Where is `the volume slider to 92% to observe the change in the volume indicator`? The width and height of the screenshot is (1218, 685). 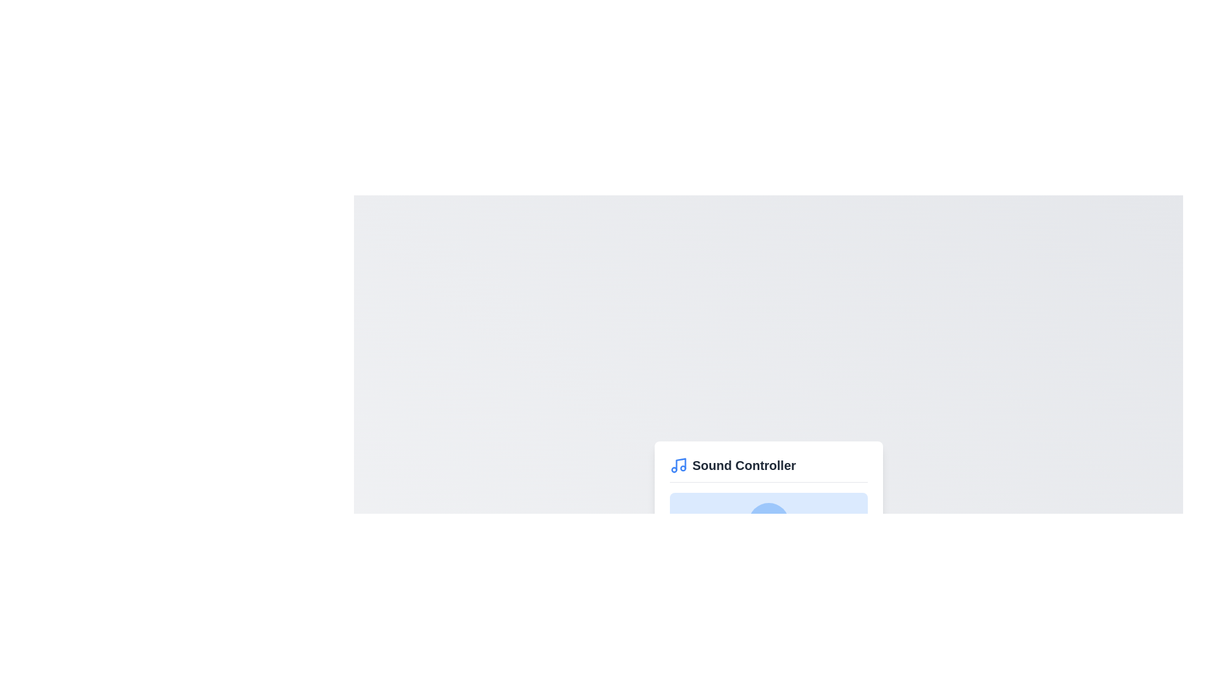 the volume slider to 92% to observe the change in the volume indicator is located at coordinates (851, 568).